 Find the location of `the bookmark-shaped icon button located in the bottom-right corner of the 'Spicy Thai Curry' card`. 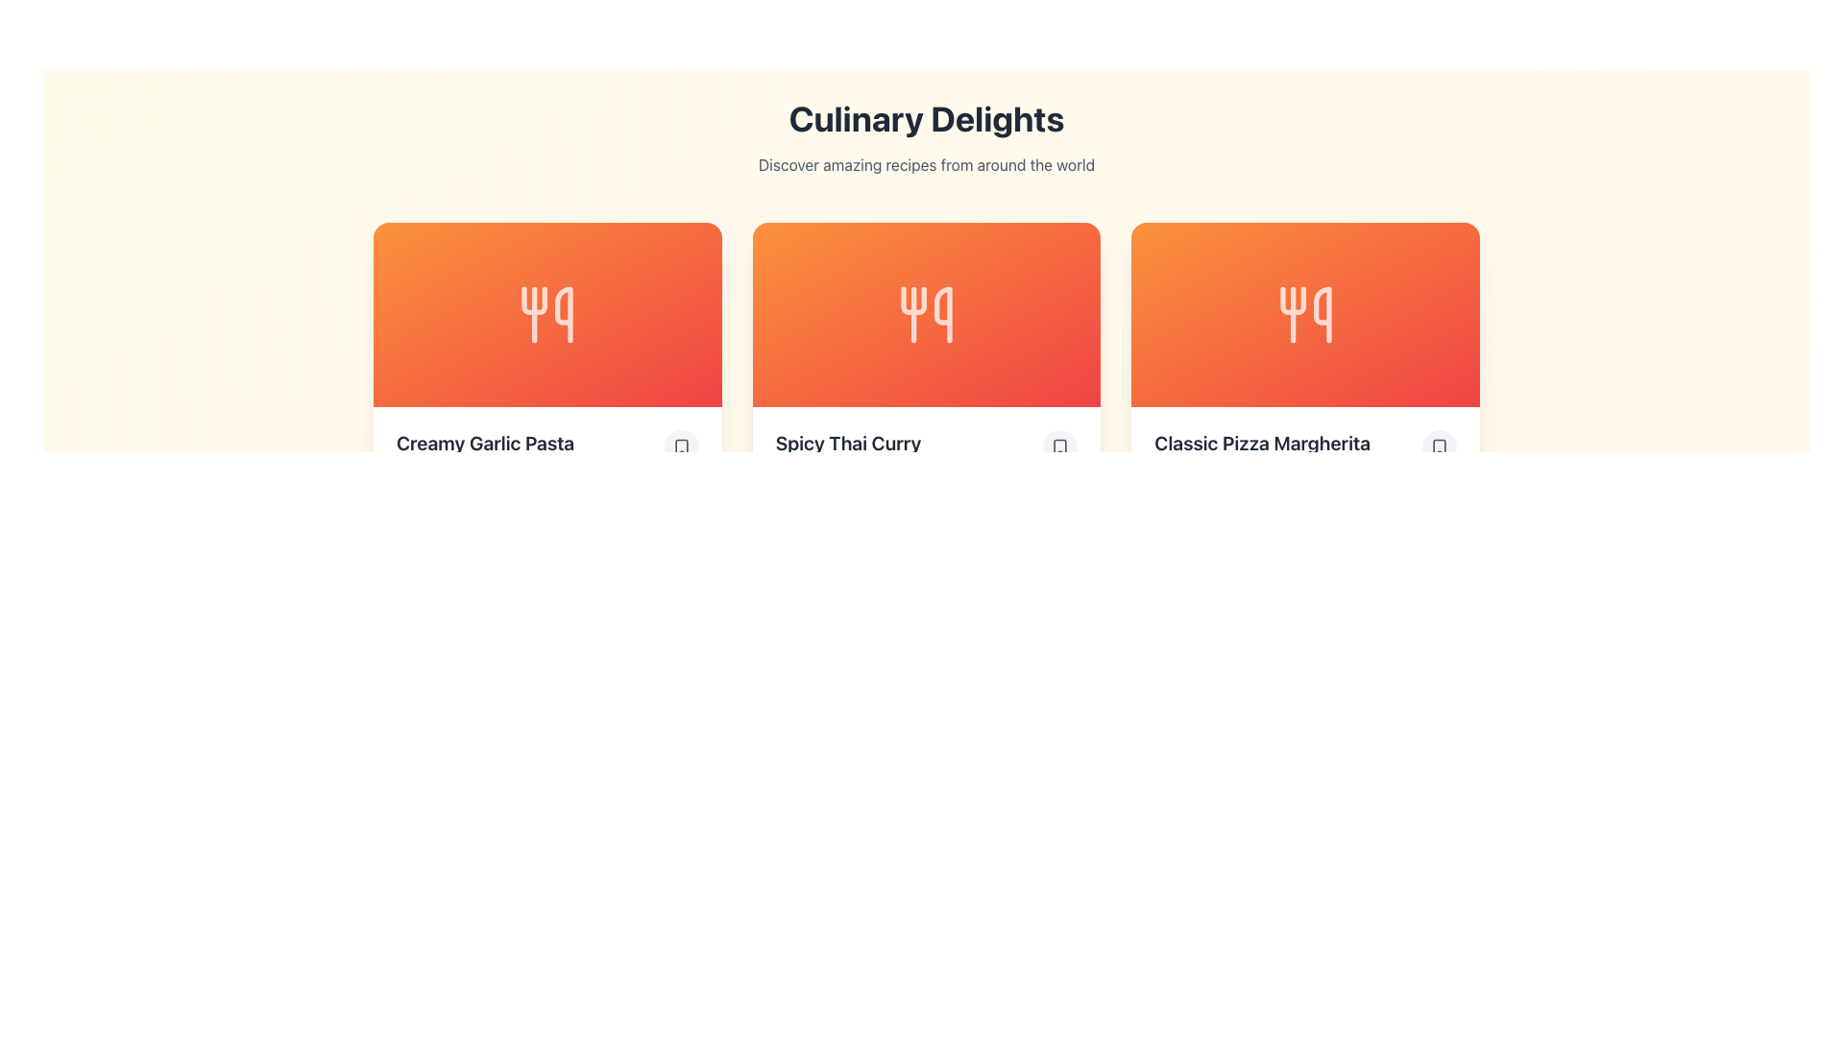

the bookmark-shaped icon button located in the bottom-right corner of the 'Spicy Thai Curry' card is located at coordinates (1059, 447).